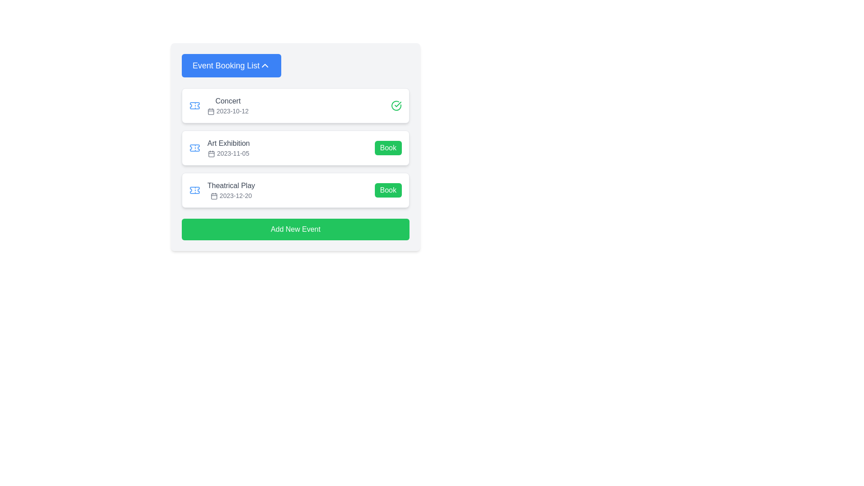 The height and width of the screenshot is (486, 864). What do you see at coordinates (296, 147) in the screenshot?
I see `details of the Event card titled 'Art Exhibition' including the date '2023-11-05', which is the second card in a vertical list of similar cards` at bounding box center [296, 147].